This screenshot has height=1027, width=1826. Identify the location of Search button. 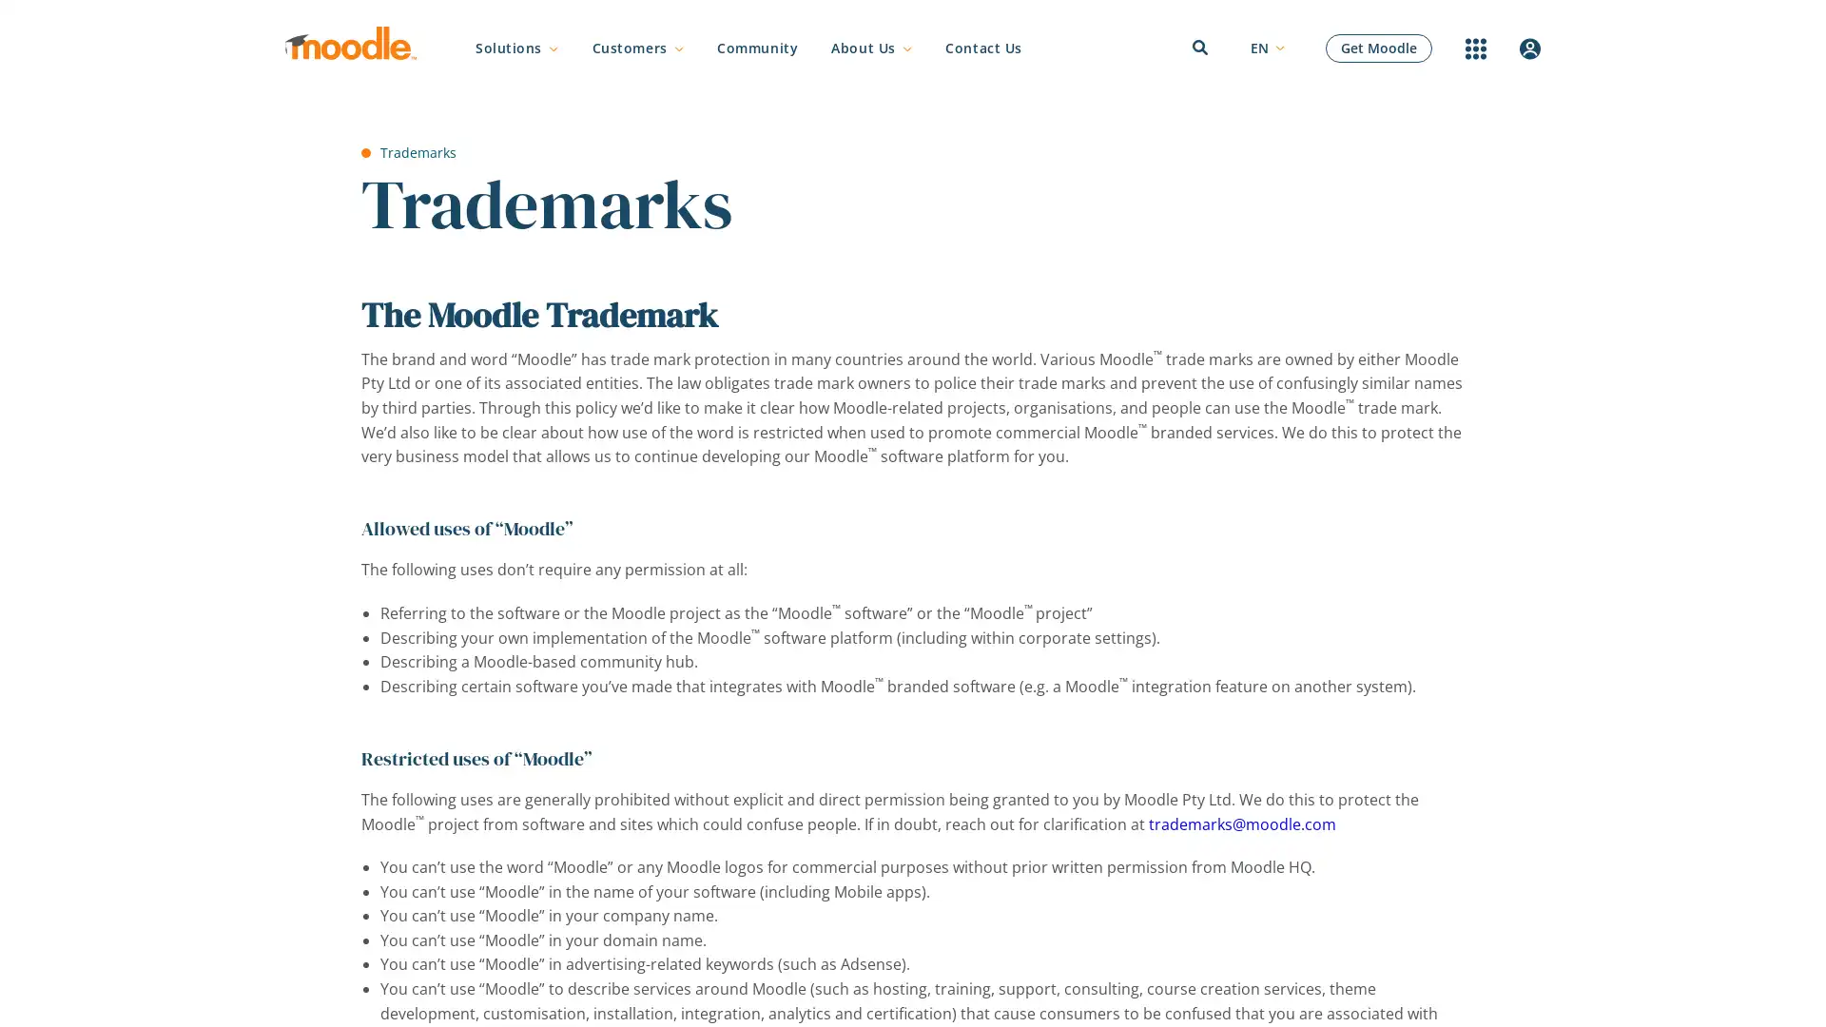
(1323, 516).